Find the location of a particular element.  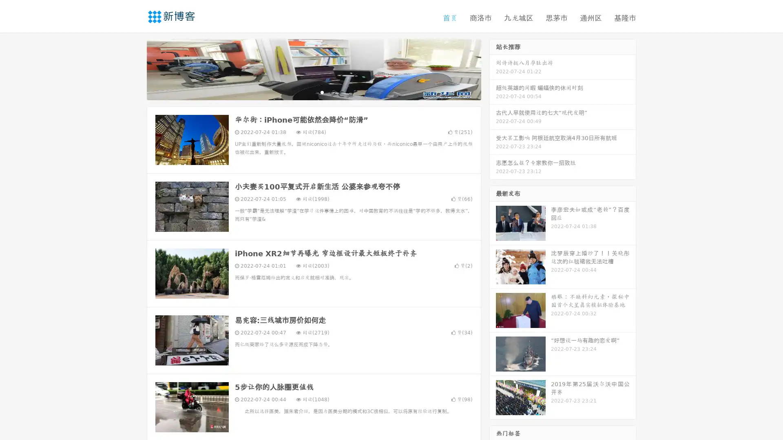

Next slide is located at coordinates (493, 68).